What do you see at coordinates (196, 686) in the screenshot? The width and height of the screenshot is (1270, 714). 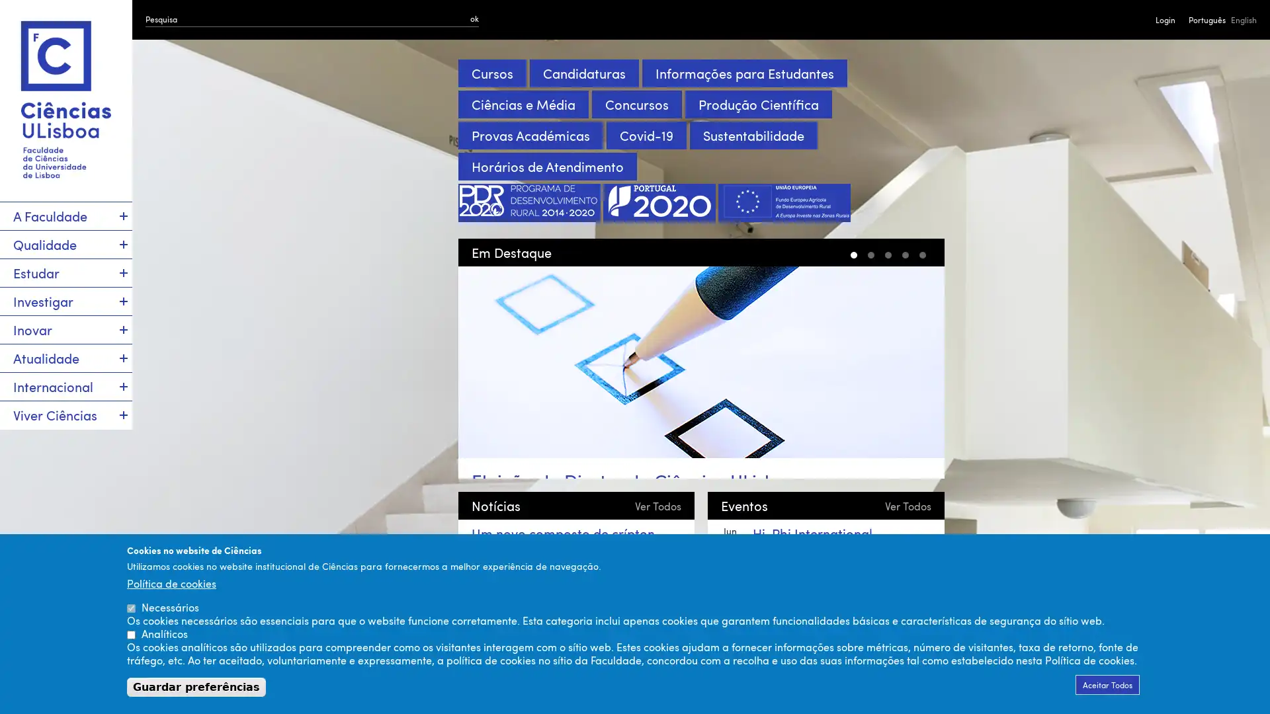 I see `Guardar preferencias` at bounding box center [196, 686].